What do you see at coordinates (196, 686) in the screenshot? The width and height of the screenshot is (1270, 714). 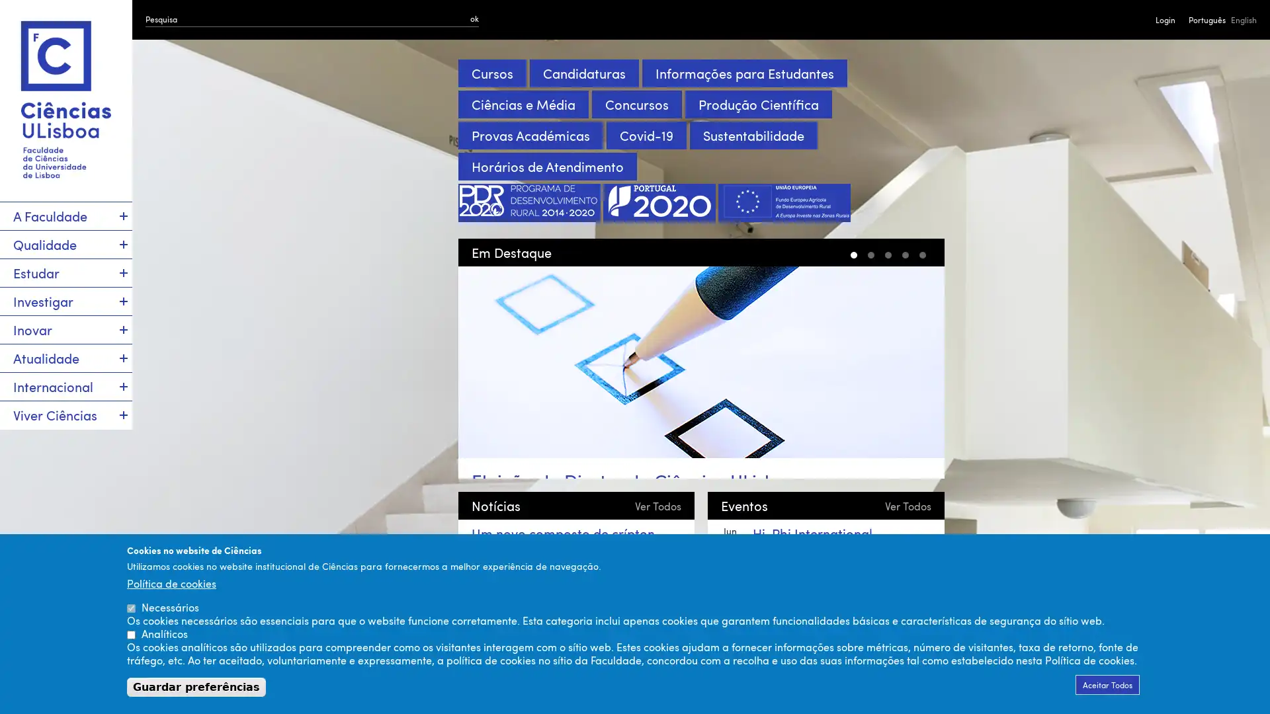 I see `Guardar preferencias` at bounding box center [196, 686].